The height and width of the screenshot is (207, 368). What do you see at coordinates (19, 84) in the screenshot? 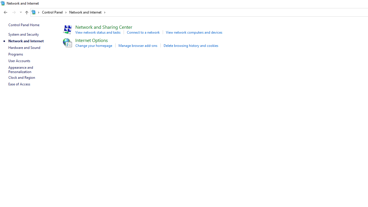
I see `'Ease of Access'` at bounding box center [19, 84].